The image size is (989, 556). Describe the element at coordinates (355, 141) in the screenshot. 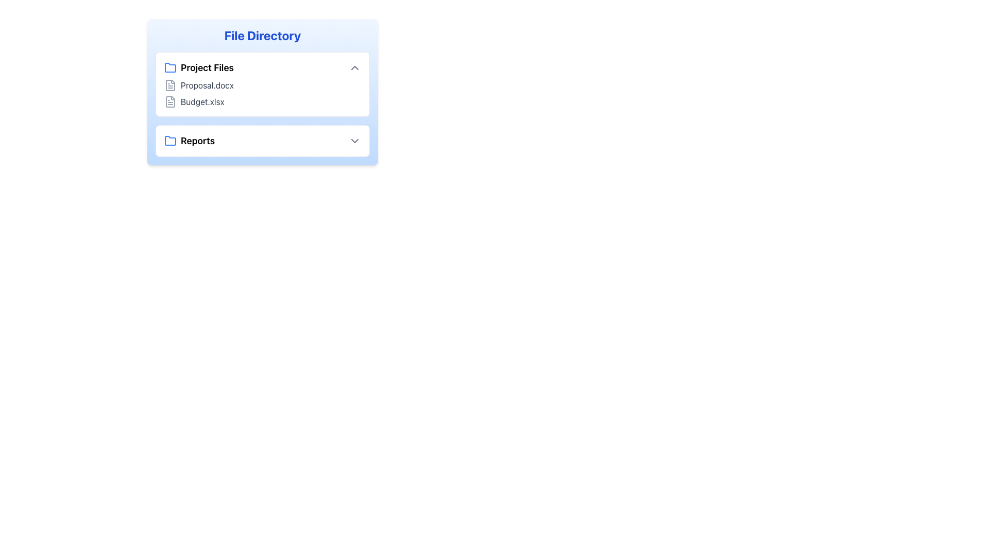

I see `the Chevron-Down icon located on the right side of the 'Reports' row under the 'File Directory' section` at that location.